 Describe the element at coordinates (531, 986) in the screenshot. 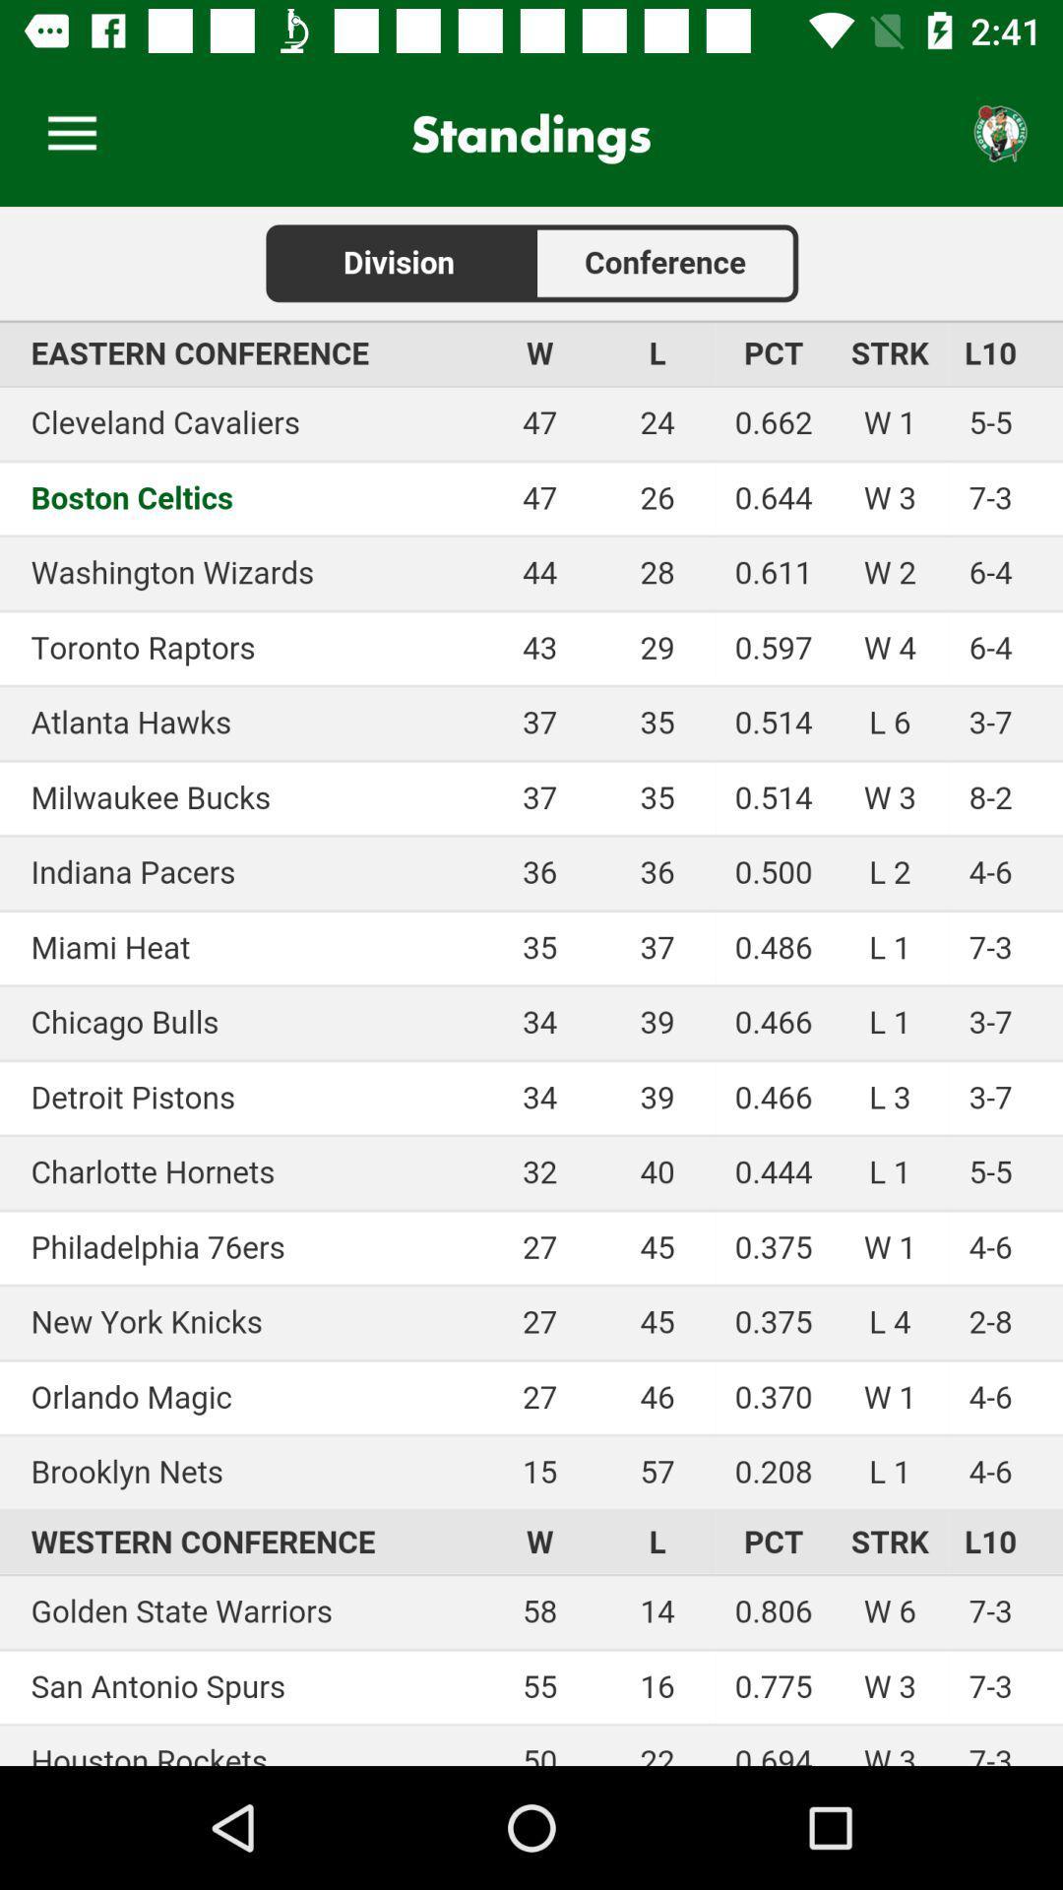

I see `scores` at that location.